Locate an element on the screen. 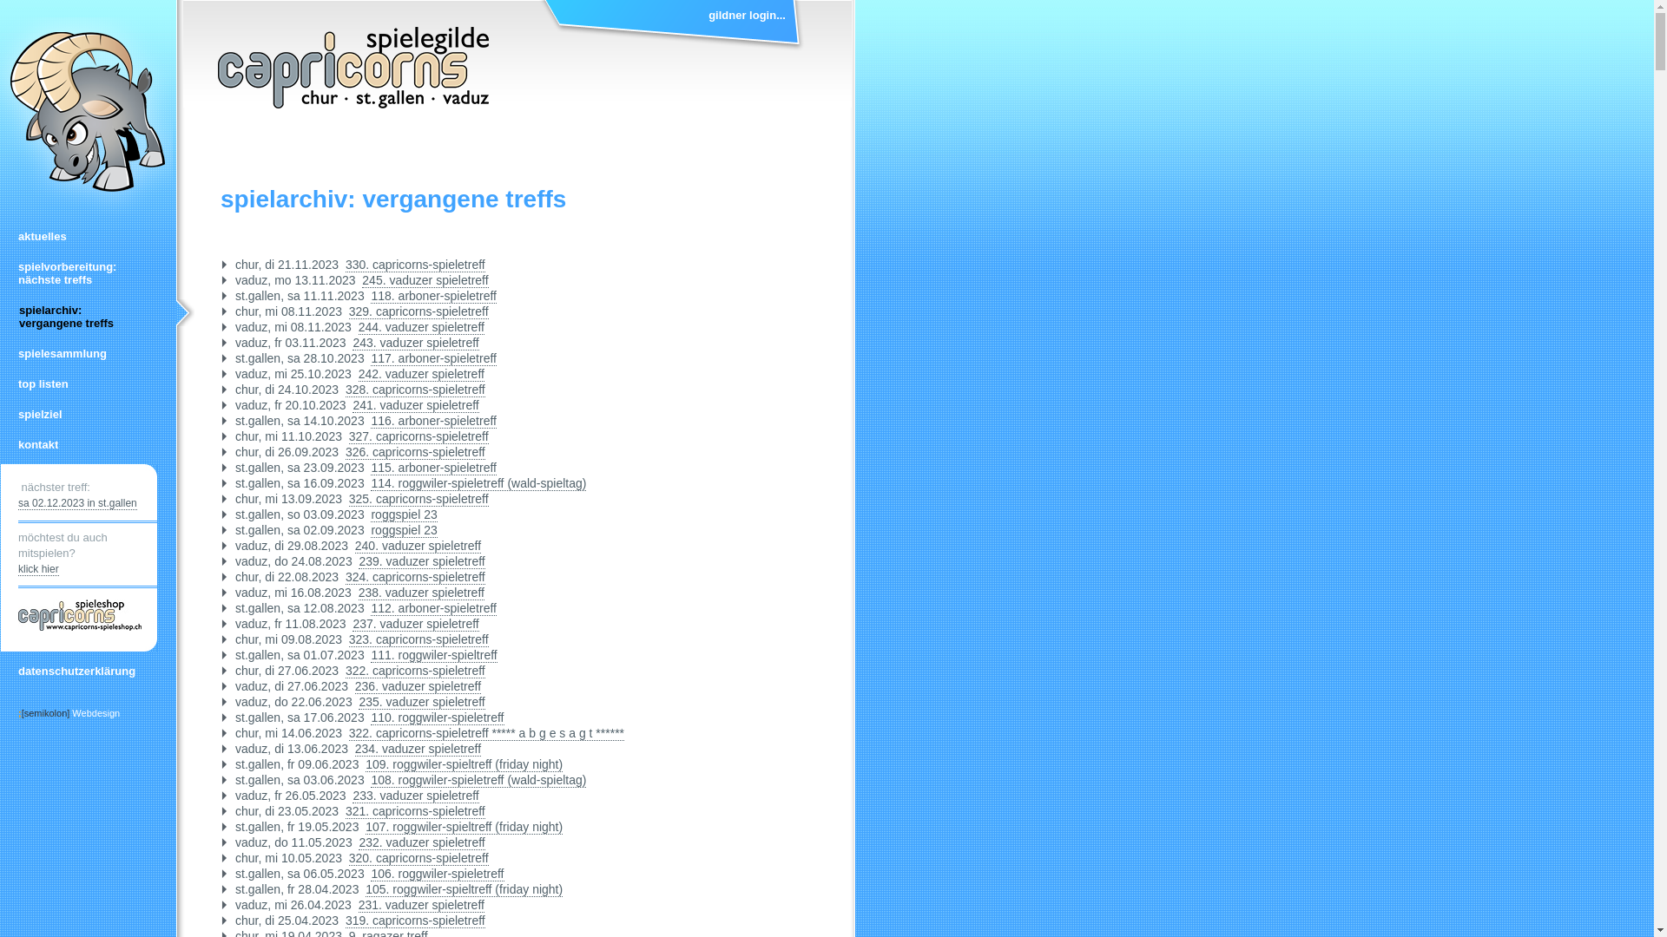 This screenshot has height=937, width=1667. '320. capricorns-spieletreff' is located at coordinates (418, 857).